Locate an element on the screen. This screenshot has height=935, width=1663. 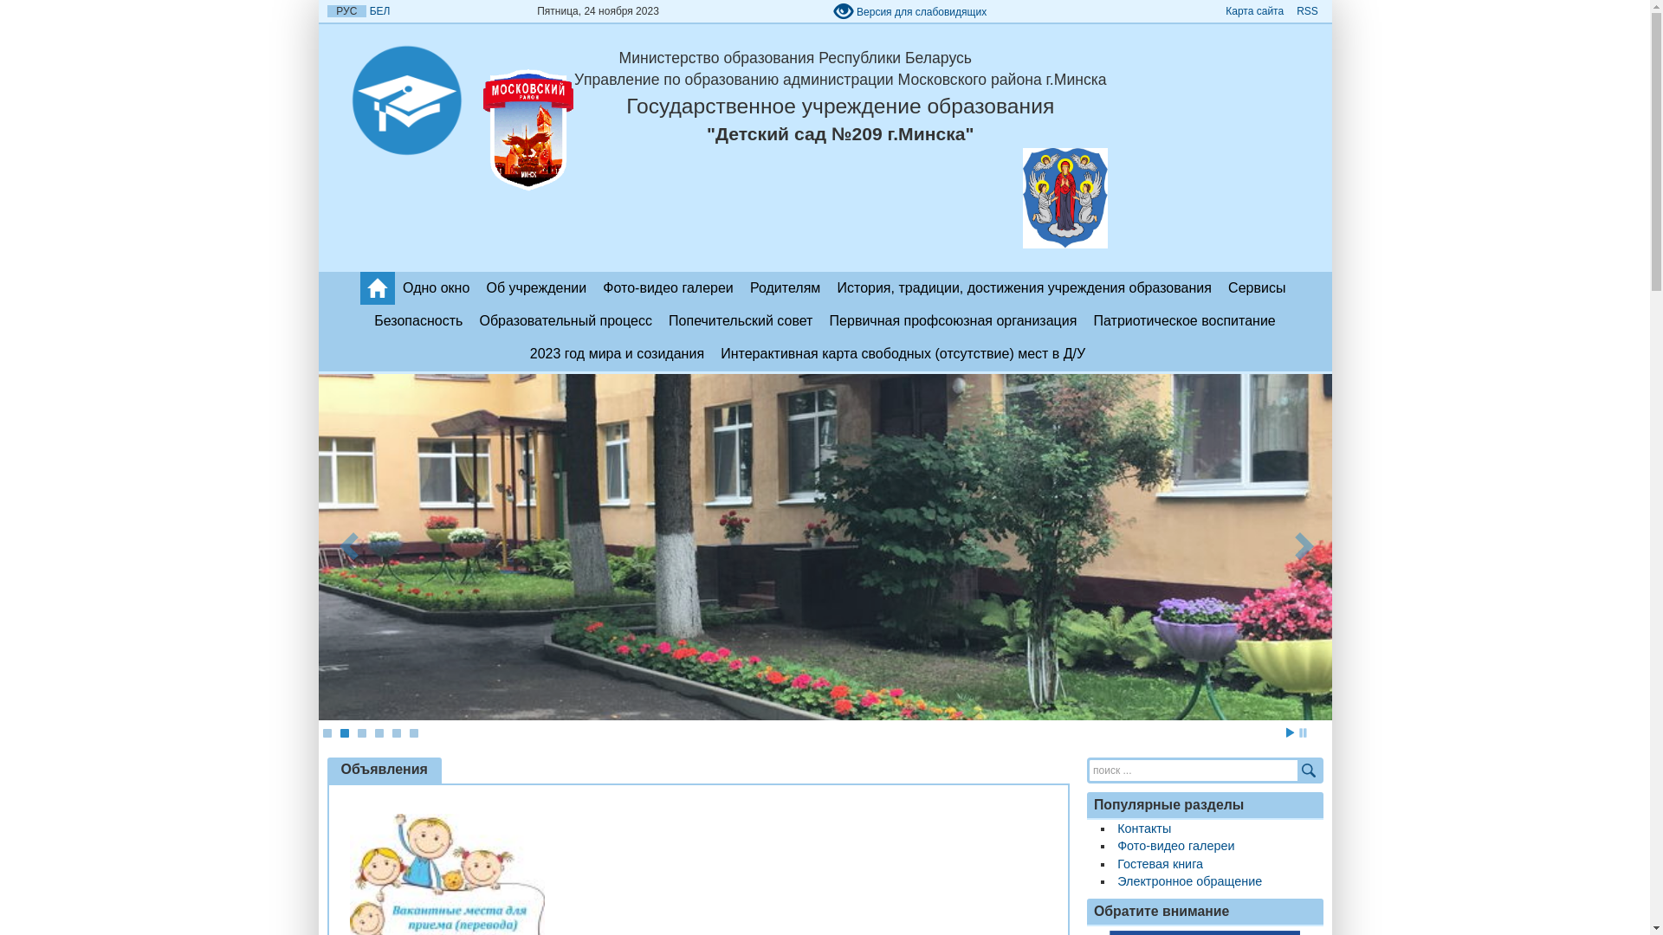
'5' is located at coordinates (390, 733).